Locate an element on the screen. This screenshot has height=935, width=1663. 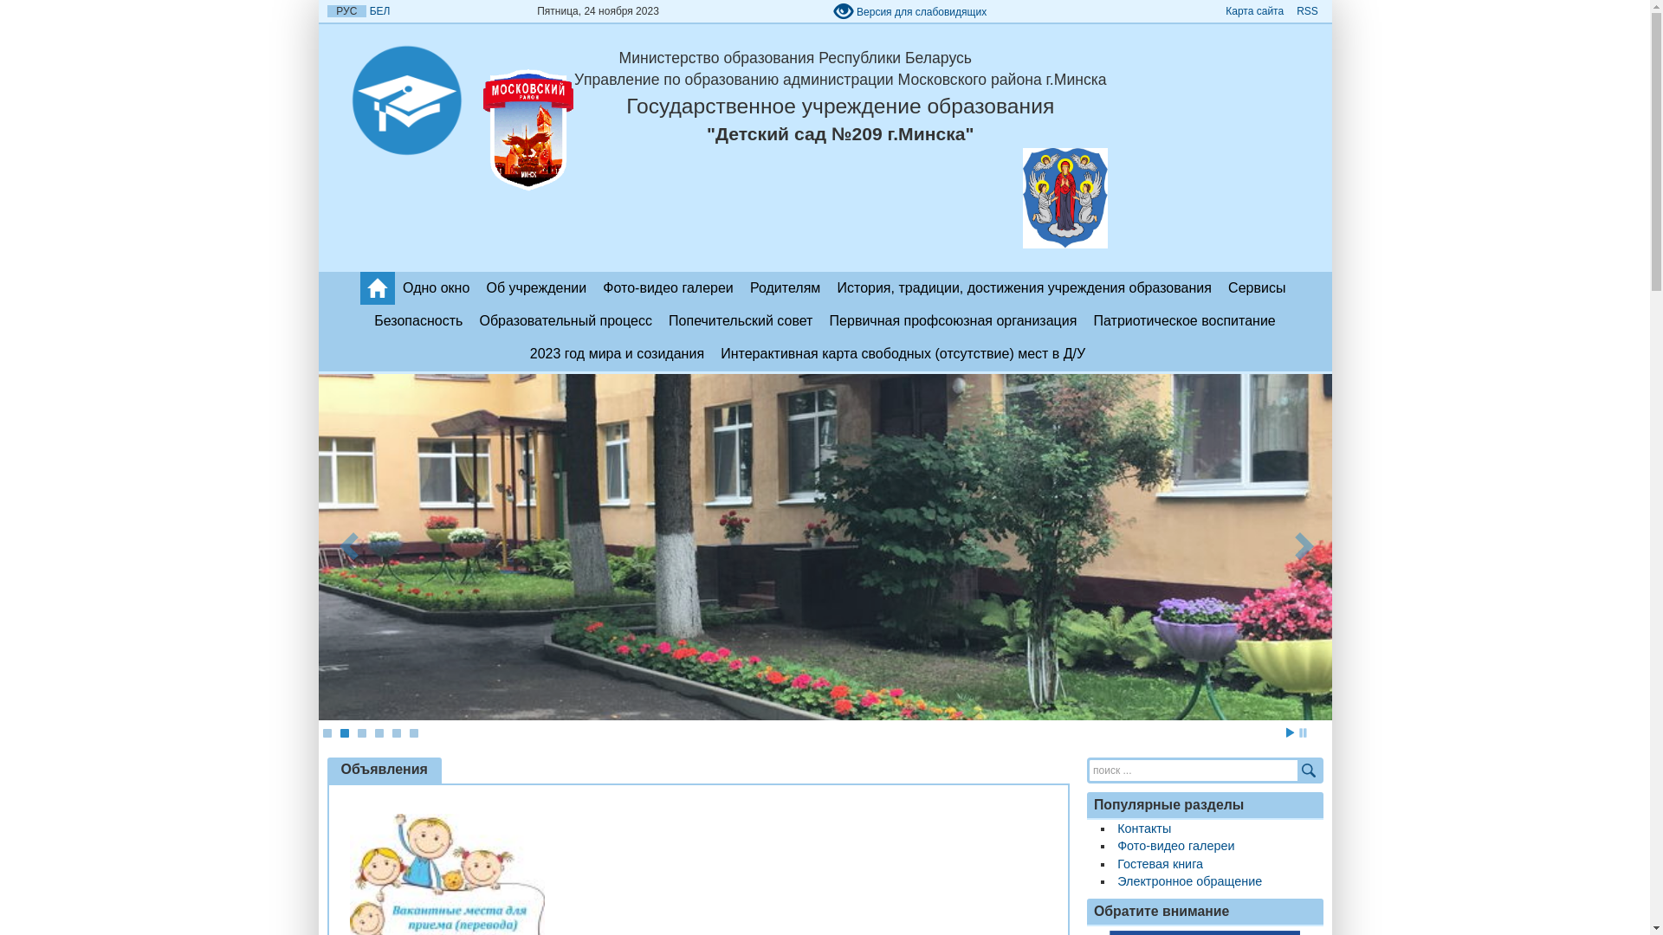
'5' is located at coordinates (390, 733).